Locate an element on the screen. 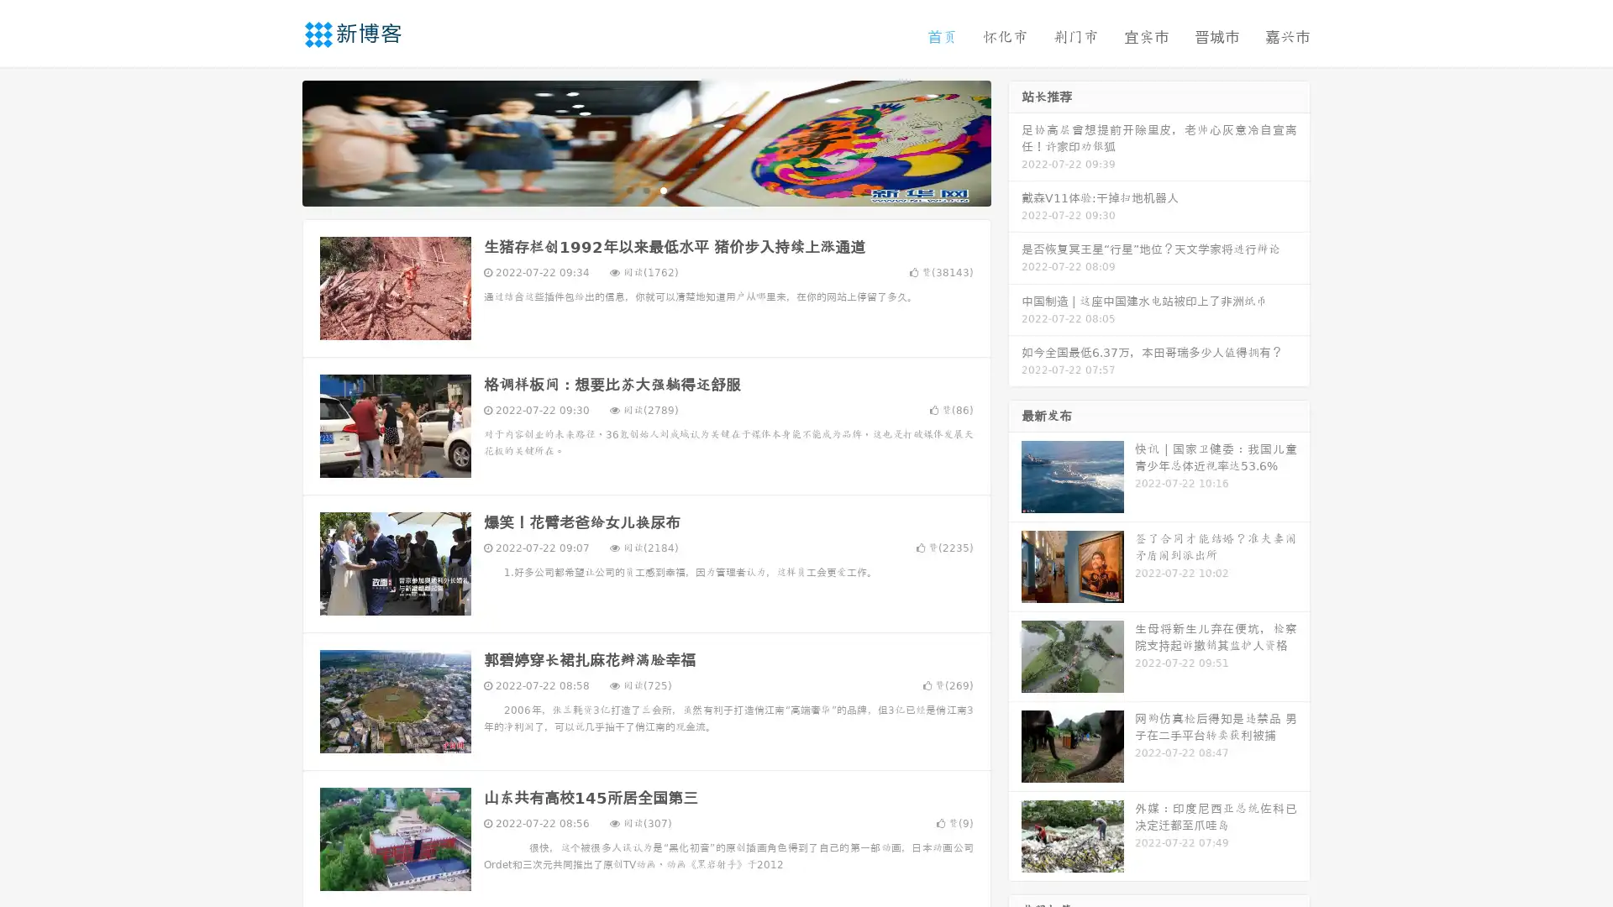  Go to slide 1 is located at coordinates (628, 189).